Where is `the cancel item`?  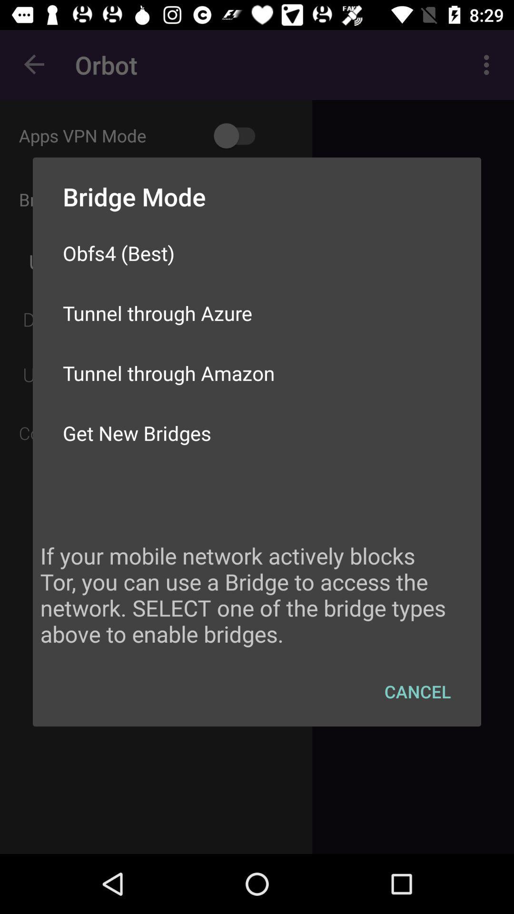
the cancel item is located at coordinates (417, 691).